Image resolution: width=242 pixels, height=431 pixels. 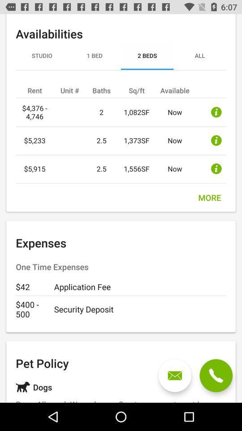 I want to click on the email icon, so click(x=175, y=375).